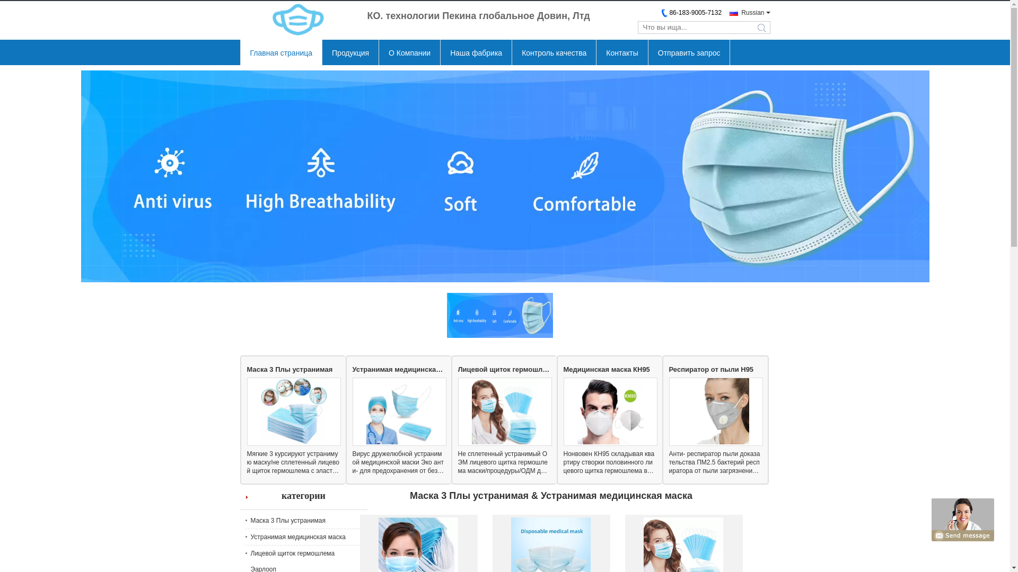 The image size is (1018, 572). What do you see at coordinates (729, 12) in the screenshot?
I see `'Russian'` at bounding box center [729, 12].